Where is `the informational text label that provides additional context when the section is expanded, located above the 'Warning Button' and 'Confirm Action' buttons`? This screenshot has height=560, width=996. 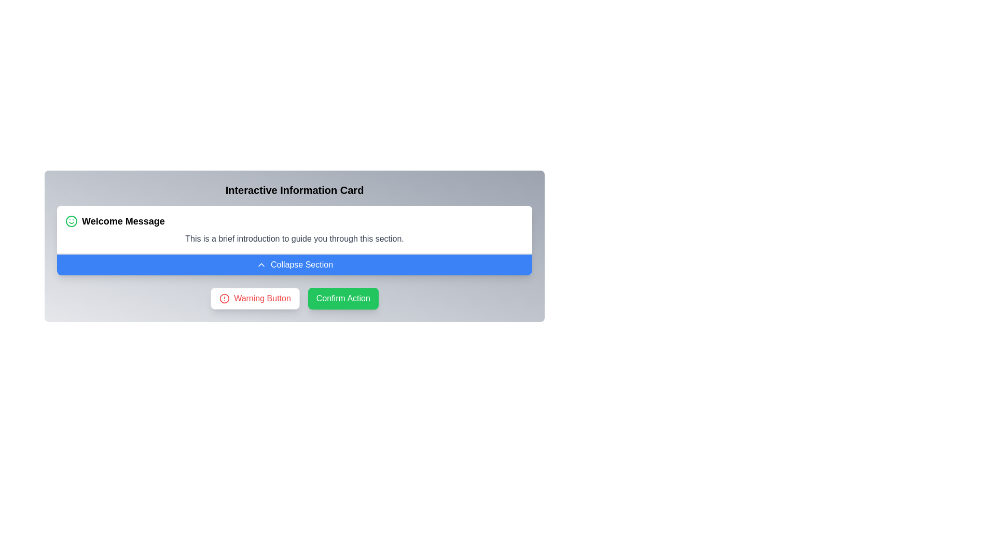 the informational text label that provides additional context when the section is expanded, located above the 'Warning Button' and 'Confirm Action' buttons is located at coordinates (294, 290).